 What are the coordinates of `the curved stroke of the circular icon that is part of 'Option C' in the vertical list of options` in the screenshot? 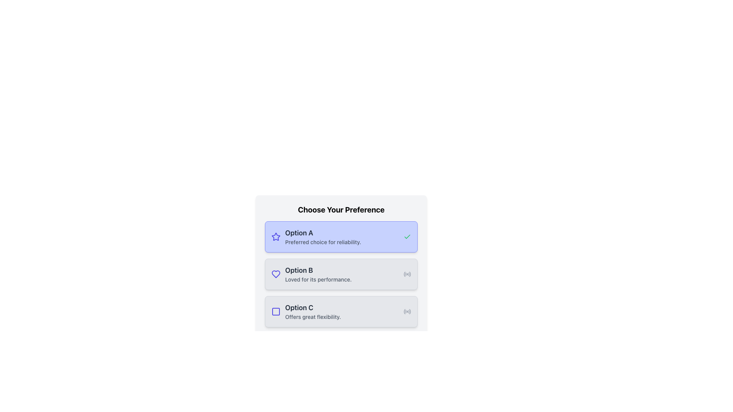 It's located at (404, 312).